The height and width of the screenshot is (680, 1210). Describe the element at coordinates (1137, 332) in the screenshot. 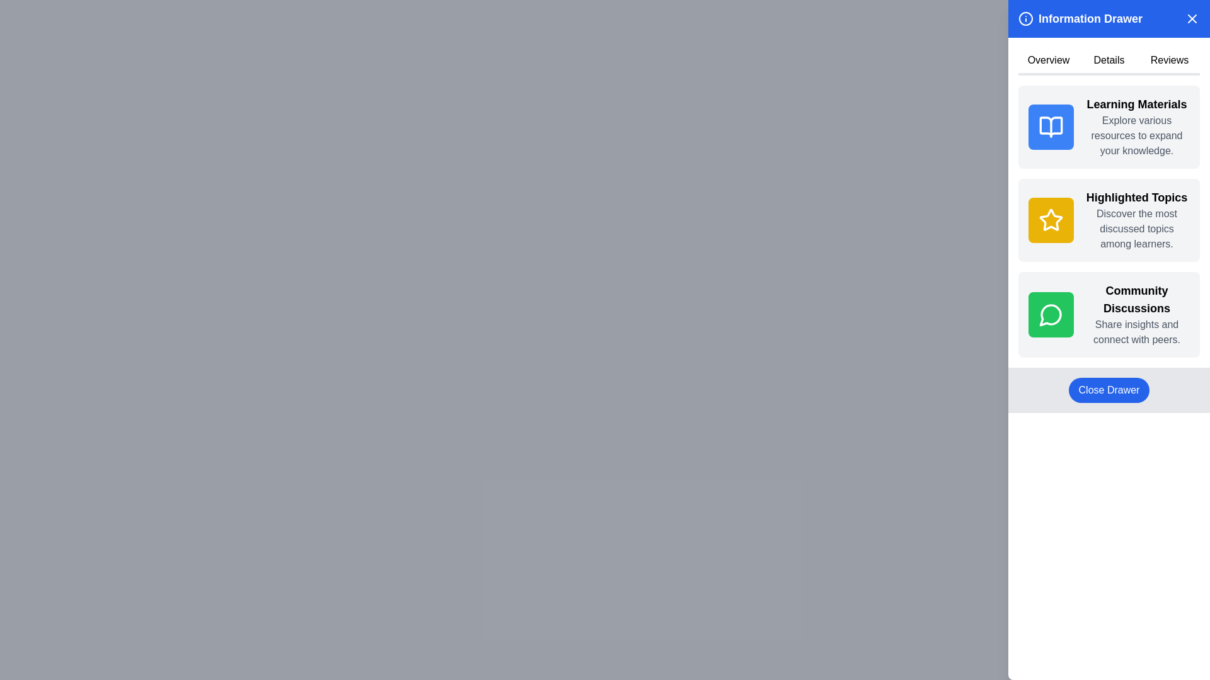

I see `the gray text block containing the phrase 'Share insights and connect with peers.' located beneath the bold title 'Community Discussions' in the lower section of a green-bordered card in the 'Information Drawer' interface` at that location.